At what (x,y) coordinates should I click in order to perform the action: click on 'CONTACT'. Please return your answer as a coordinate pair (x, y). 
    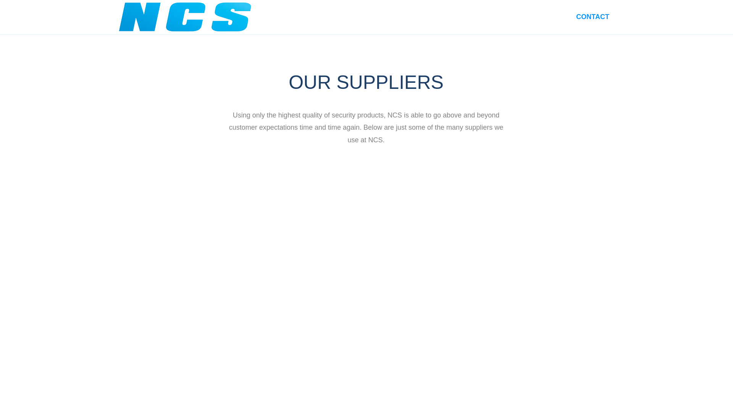
    Looking at the image, I should click on (592, 17).